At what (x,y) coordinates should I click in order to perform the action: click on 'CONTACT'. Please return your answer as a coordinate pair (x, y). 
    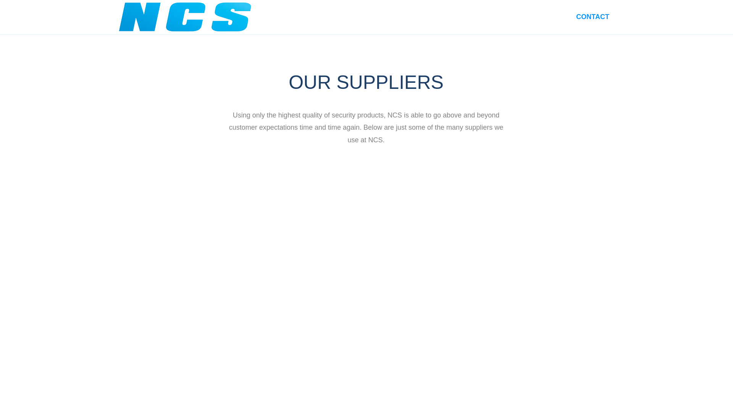
    Looking at the image, I should click on (592, 17).